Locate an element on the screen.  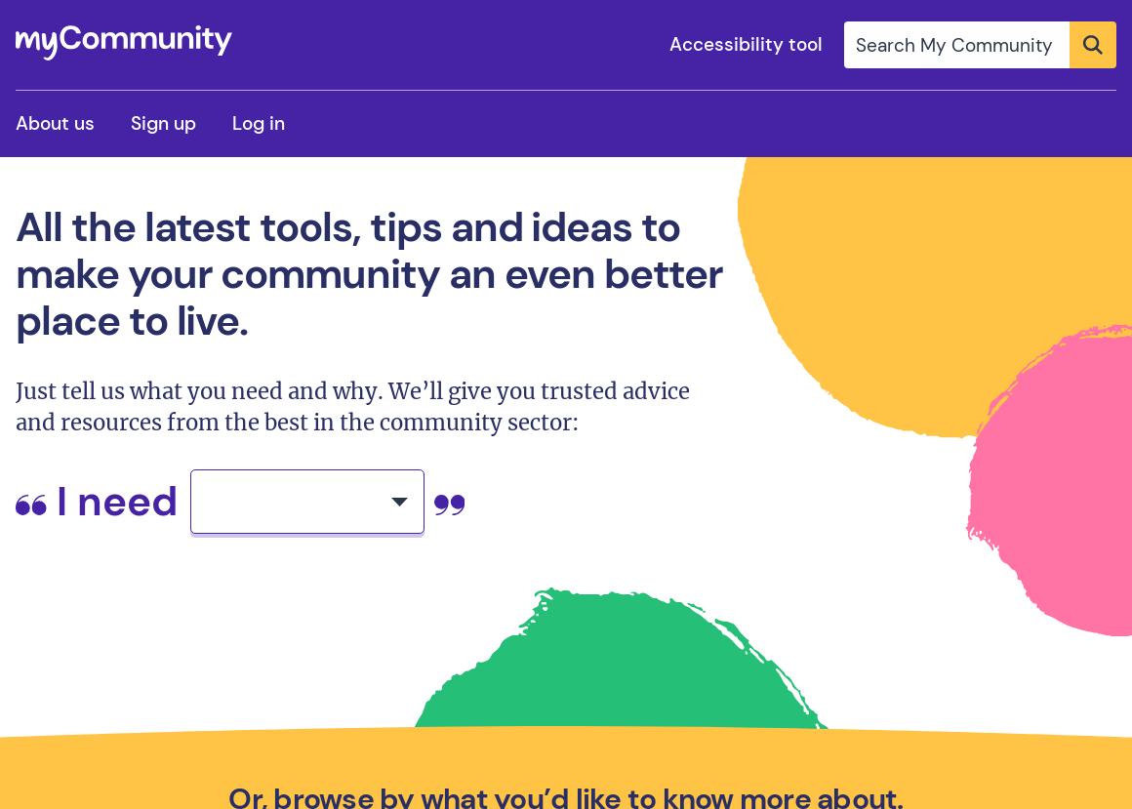
'Log in' is located at coordinates (258, 122).